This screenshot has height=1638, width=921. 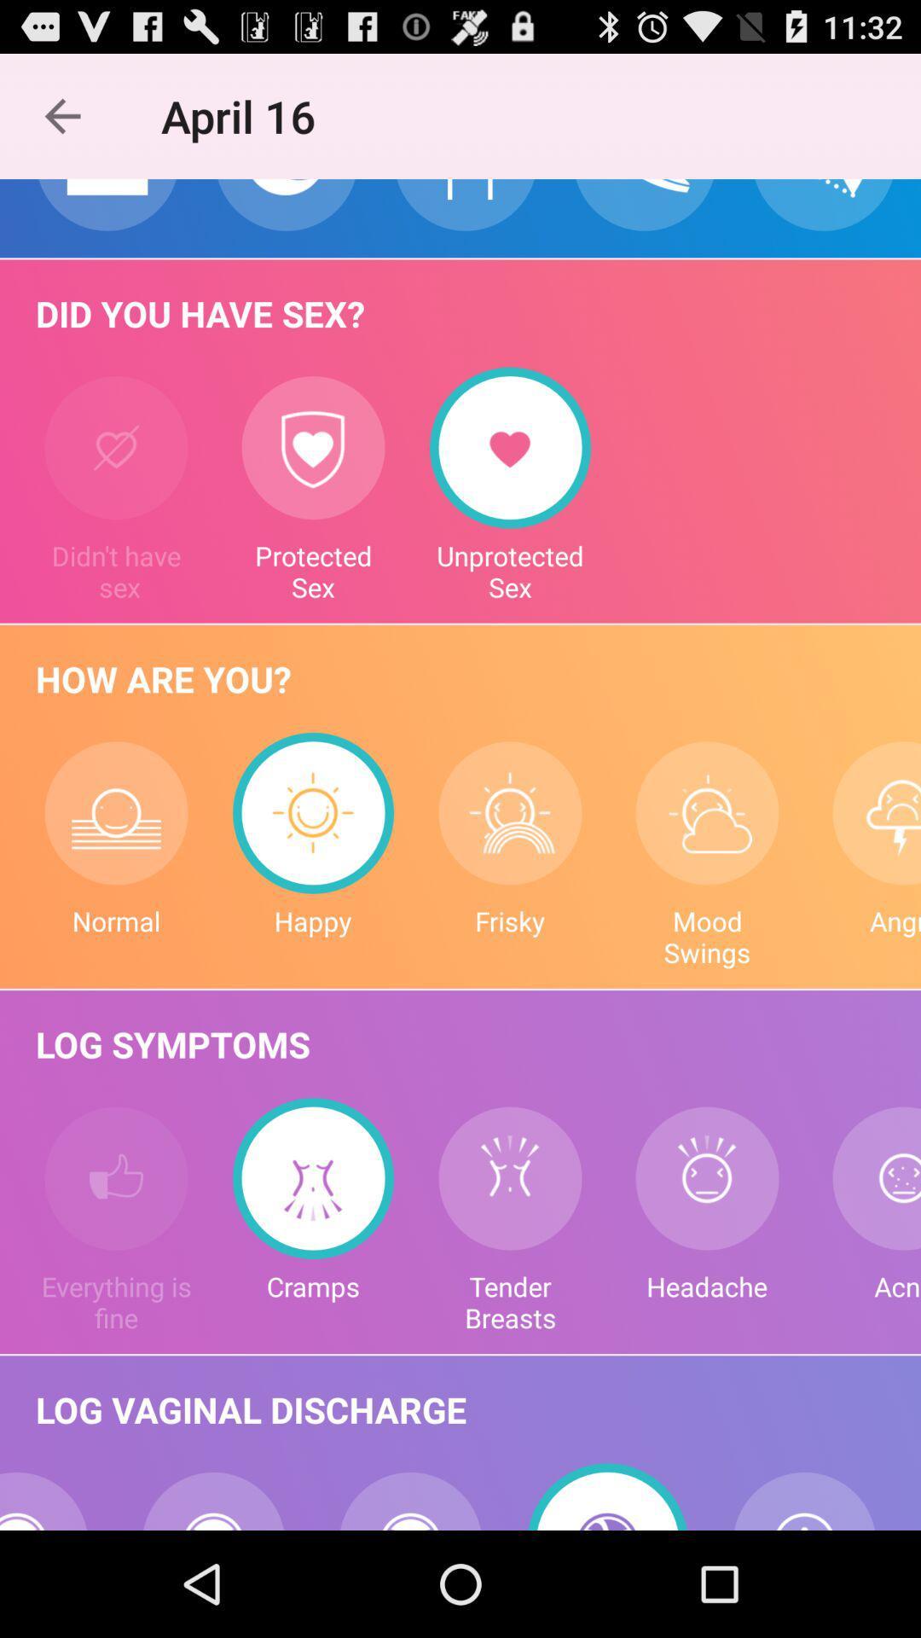 What do you see at coordinates (61, 115) in the screenshot?
I see `the item next to the april 16` at bounding box center [61, 115].